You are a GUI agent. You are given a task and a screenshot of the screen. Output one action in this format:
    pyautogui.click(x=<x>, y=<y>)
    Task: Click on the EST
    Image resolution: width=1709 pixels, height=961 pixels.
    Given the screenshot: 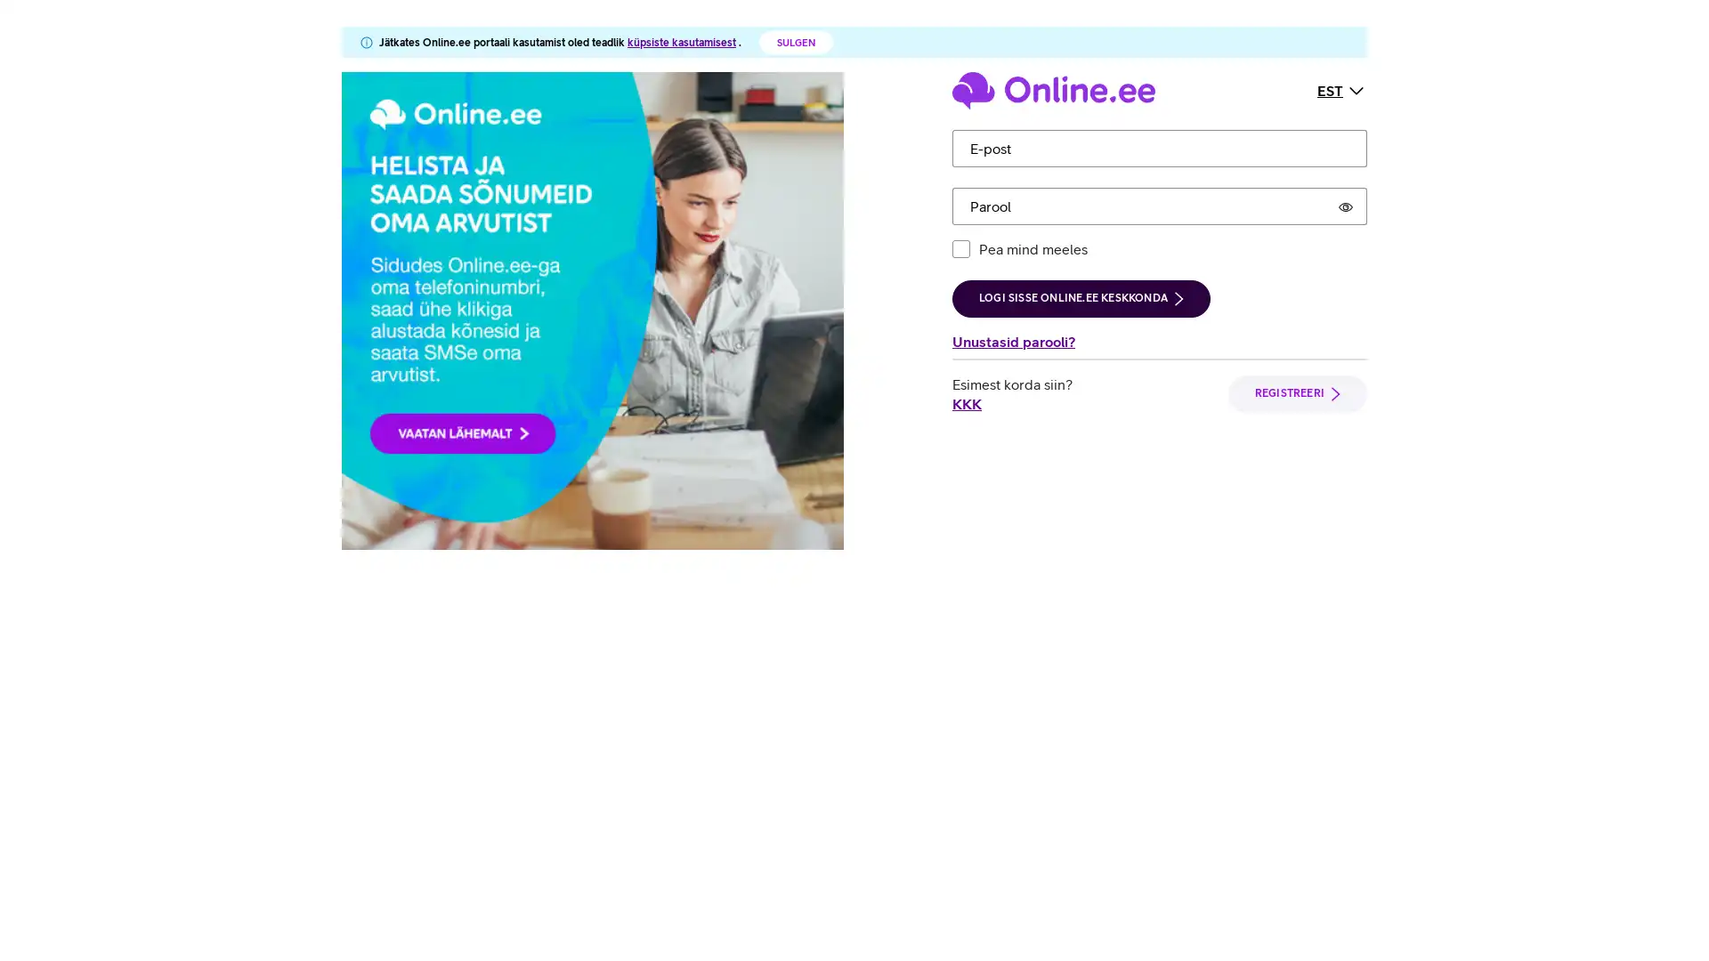 What is the action you would take?
    pyautogui.click(x=1341, y=89)
    